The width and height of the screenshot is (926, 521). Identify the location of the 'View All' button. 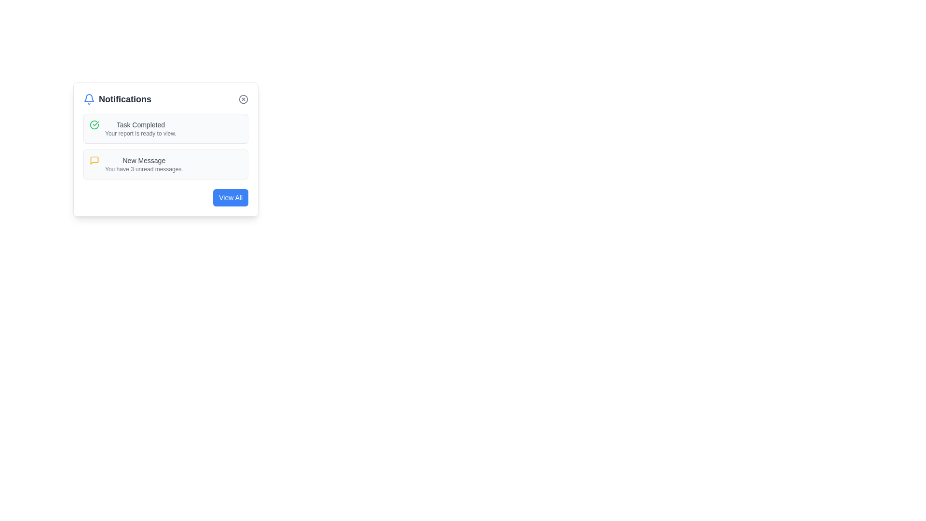
(230, 197).